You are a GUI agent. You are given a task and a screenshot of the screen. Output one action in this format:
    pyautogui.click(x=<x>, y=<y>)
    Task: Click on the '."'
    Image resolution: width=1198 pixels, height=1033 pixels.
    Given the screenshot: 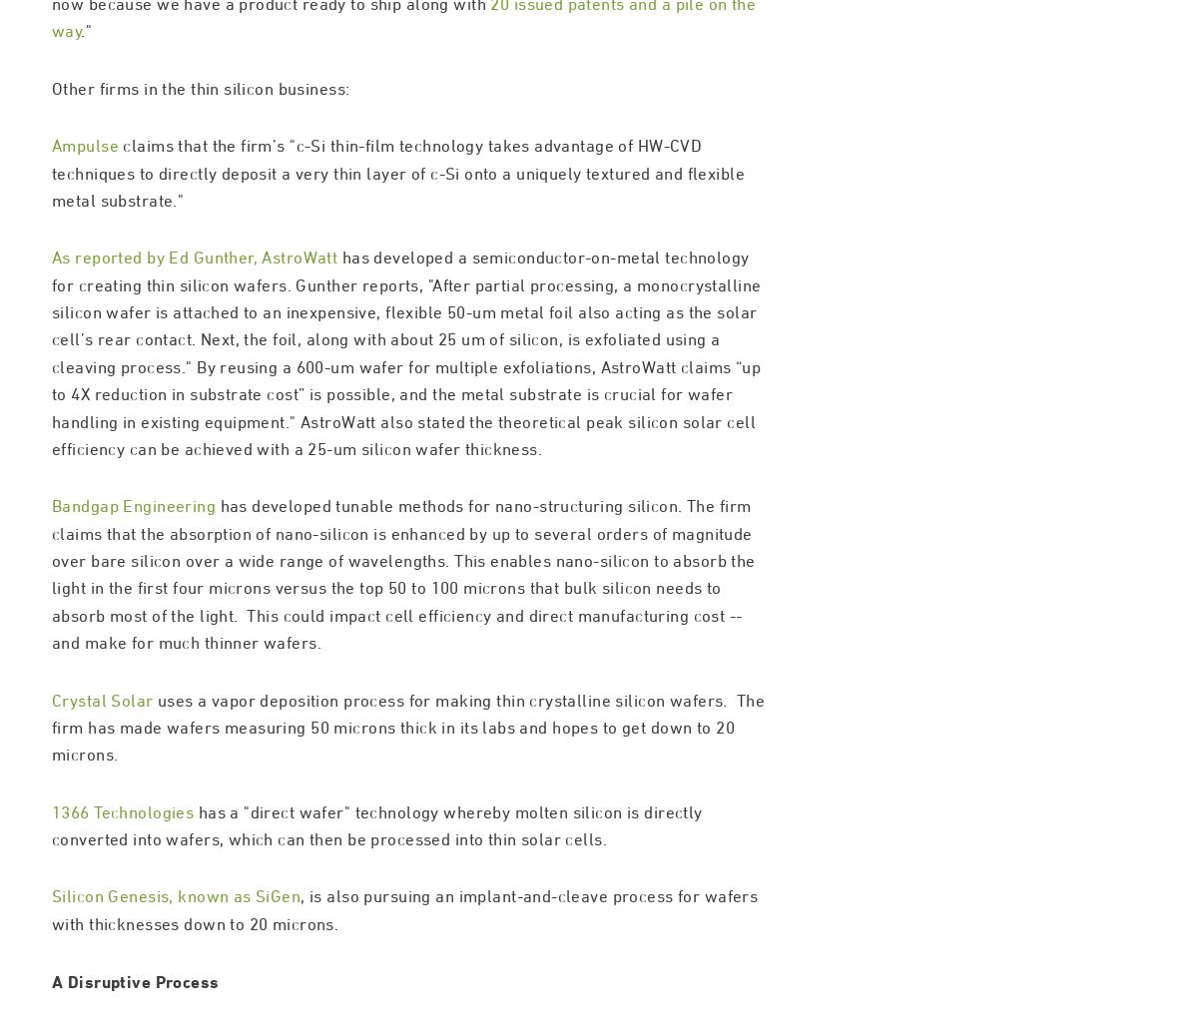 What is the action you would take?
    pyautogui.click(x=87, y=116)
    